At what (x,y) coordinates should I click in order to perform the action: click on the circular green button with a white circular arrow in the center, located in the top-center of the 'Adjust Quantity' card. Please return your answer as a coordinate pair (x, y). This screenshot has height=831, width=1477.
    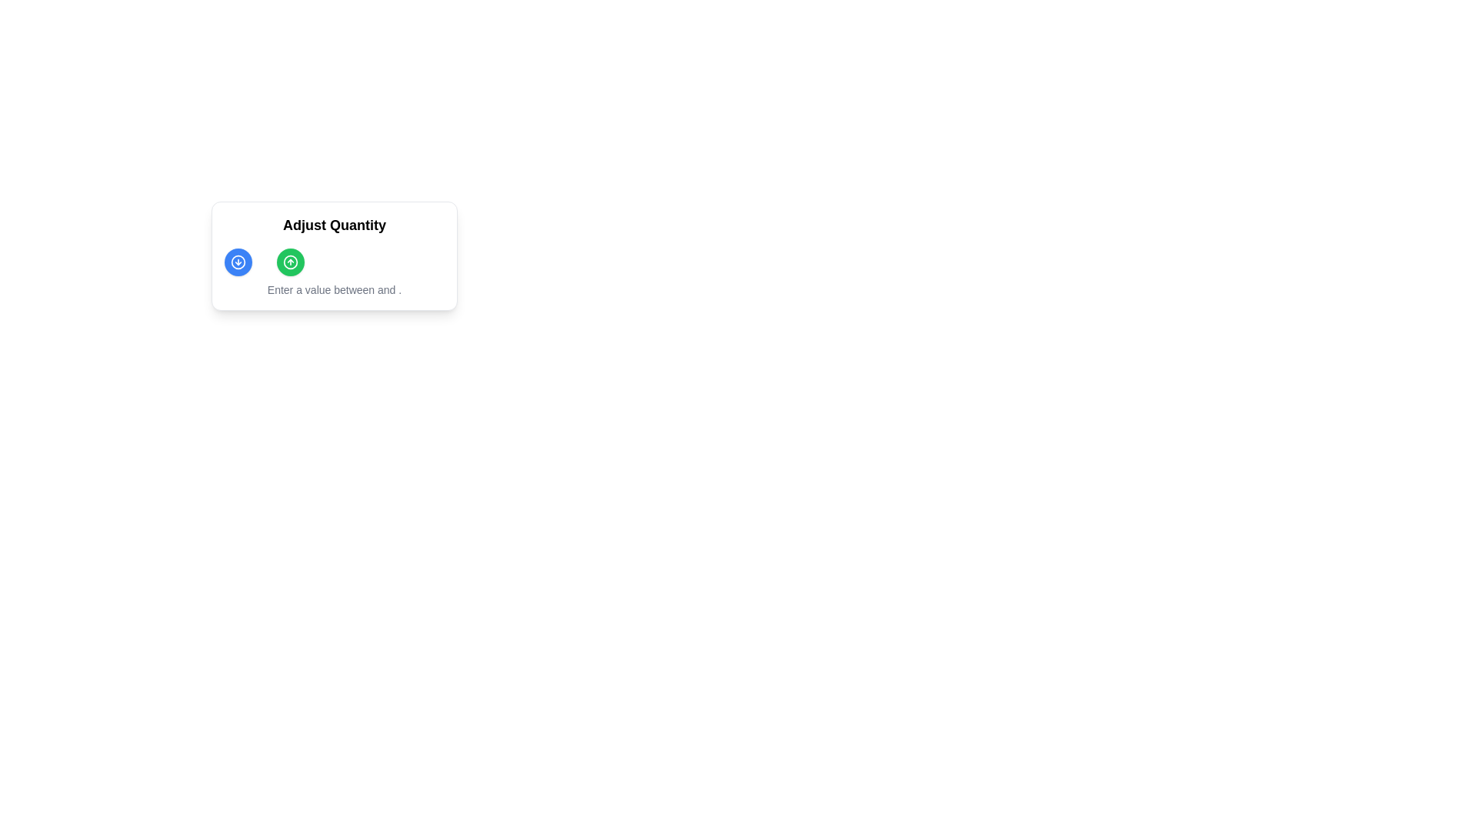
    Looking at the image, I should click on (291, 261).